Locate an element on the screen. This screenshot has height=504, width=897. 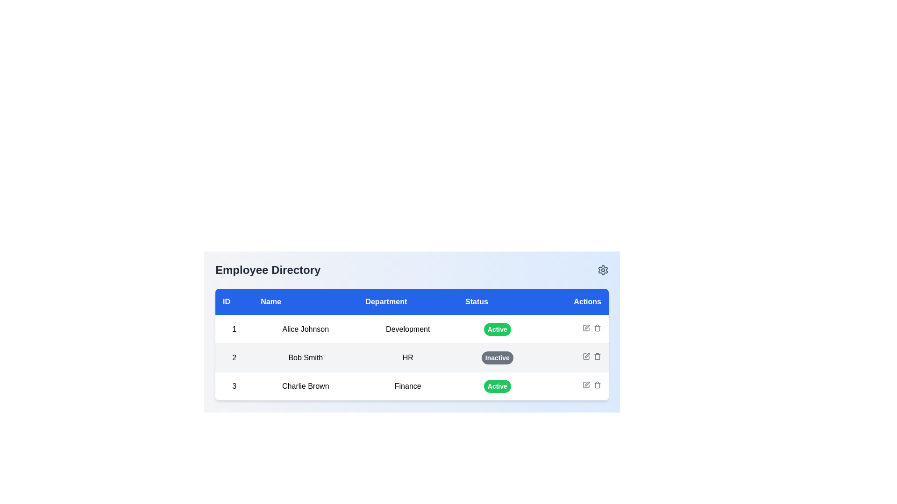
the text label displaying 'Development' in the 'Department' column, which aligns with the 'Alice Johnson' row is located at coordinates (408, 329).